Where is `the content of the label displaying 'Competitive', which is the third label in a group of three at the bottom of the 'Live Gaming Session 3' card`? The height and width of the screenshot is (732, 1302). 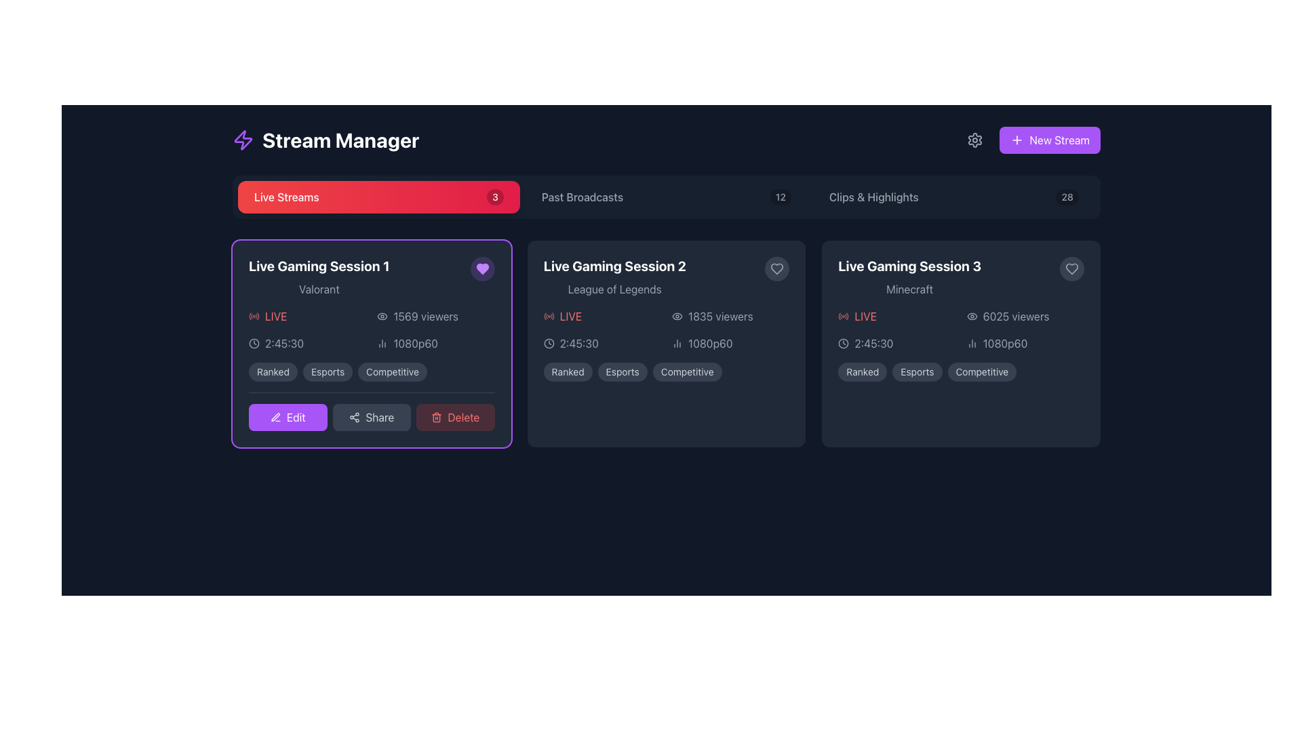
the content of the label displaying 'Competitive', which is the third label in a group of three at the bottom of the 'Live Gaming Session 3' card is located at coordinates (982, 371).